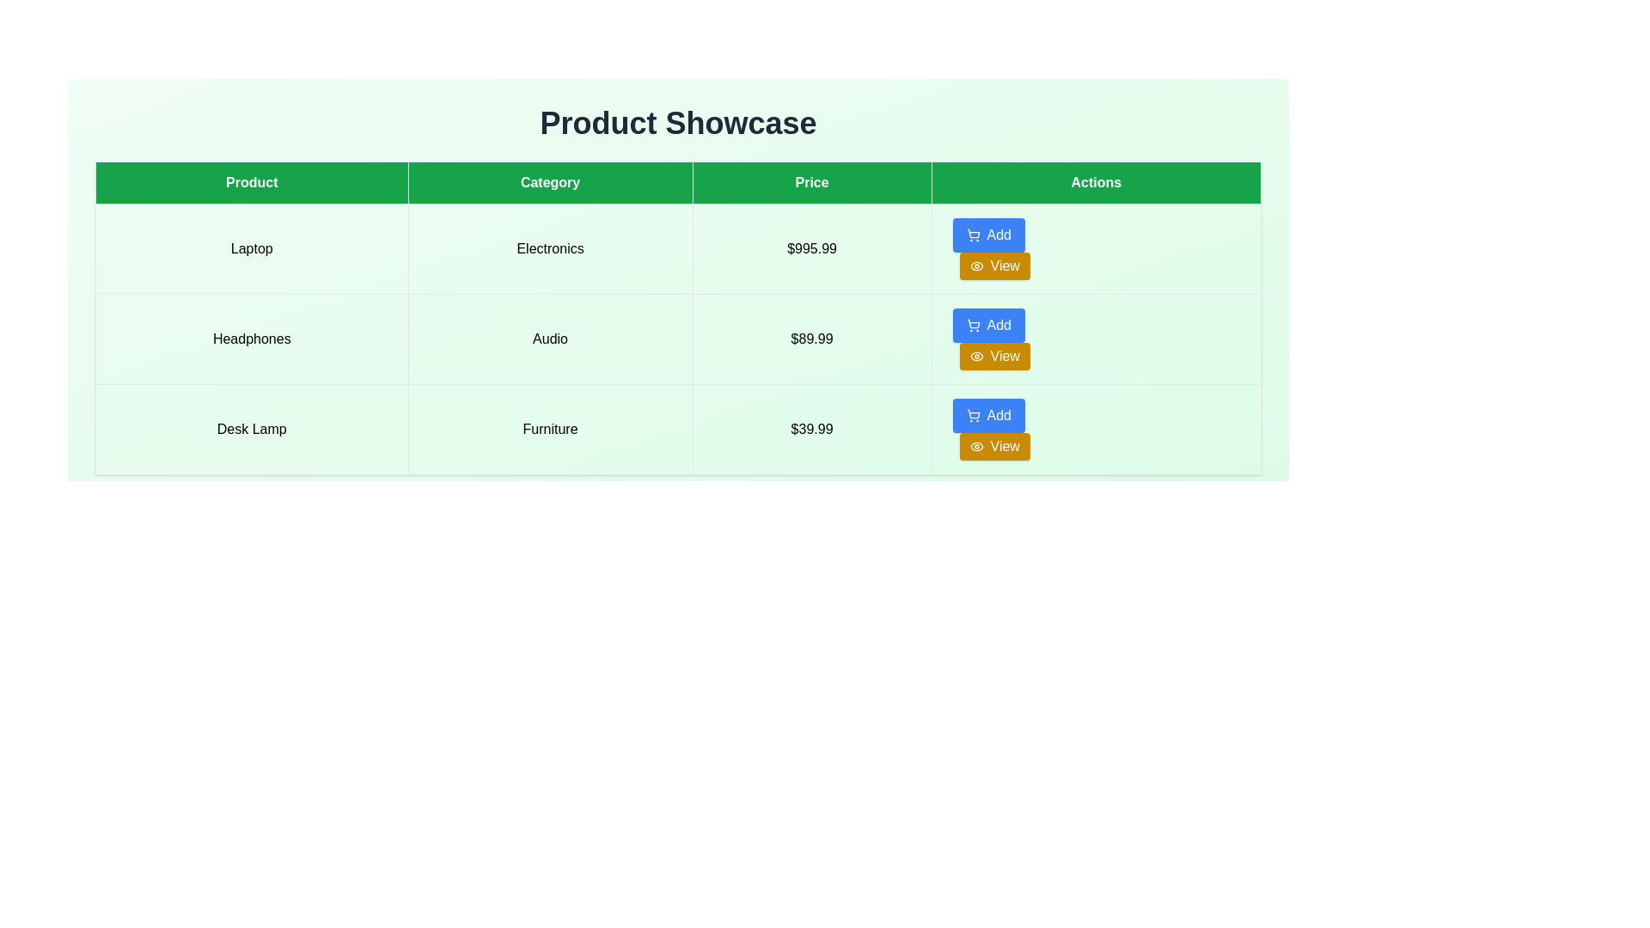 This screenshot has height=928, width=1650. Describe the element at coordinates (973, 325) in the screenshot. I see `the minimalistic wireframe shopping cart icon located at the leftmost part of the blue 'Add' button in the second row of the 'Product Showcase' table` at that location.